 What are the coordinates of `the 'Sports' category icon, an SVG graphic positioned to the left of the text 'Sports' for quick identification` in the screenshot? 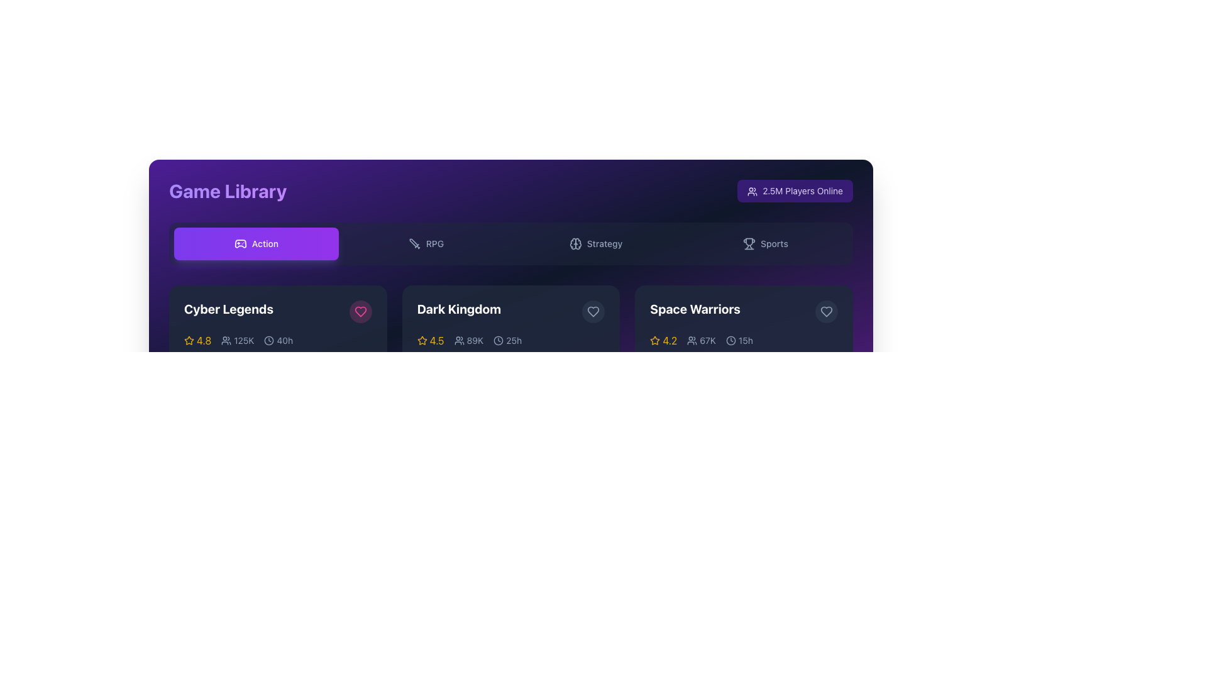 It's located at (749, 244).